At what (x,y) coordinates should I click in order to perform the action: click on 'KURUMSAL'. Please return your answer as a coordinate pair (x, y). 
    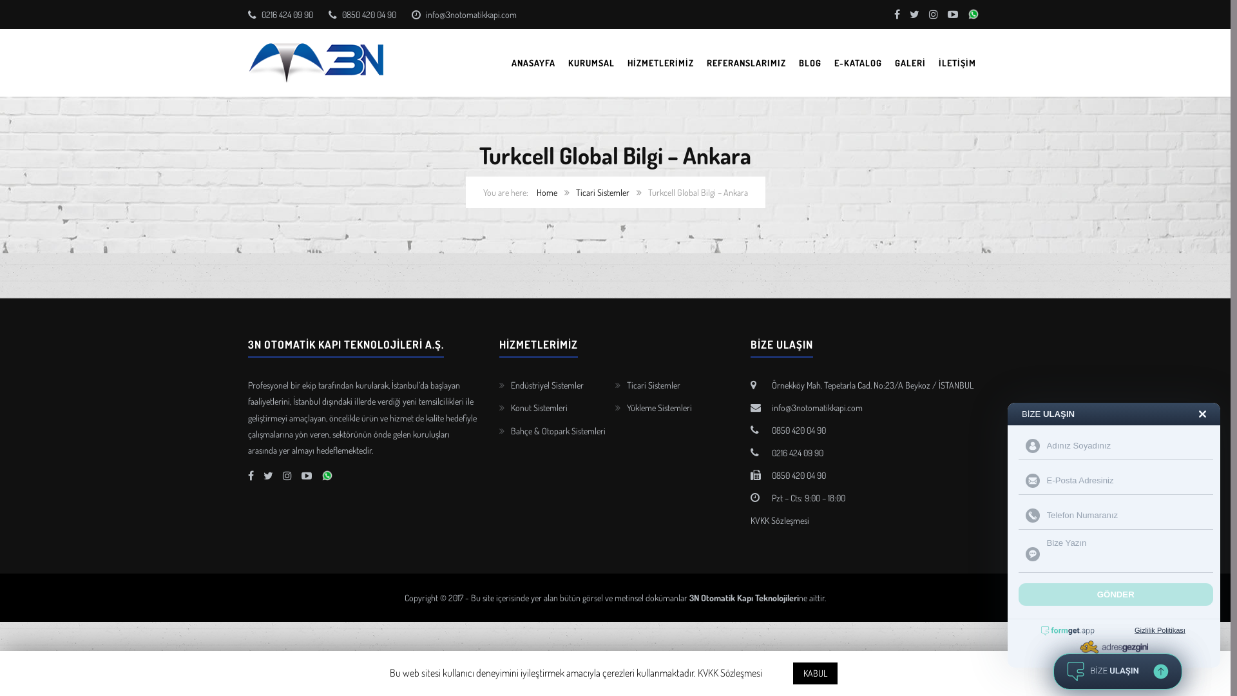
    Looking at the image, I should click on (568, 63).